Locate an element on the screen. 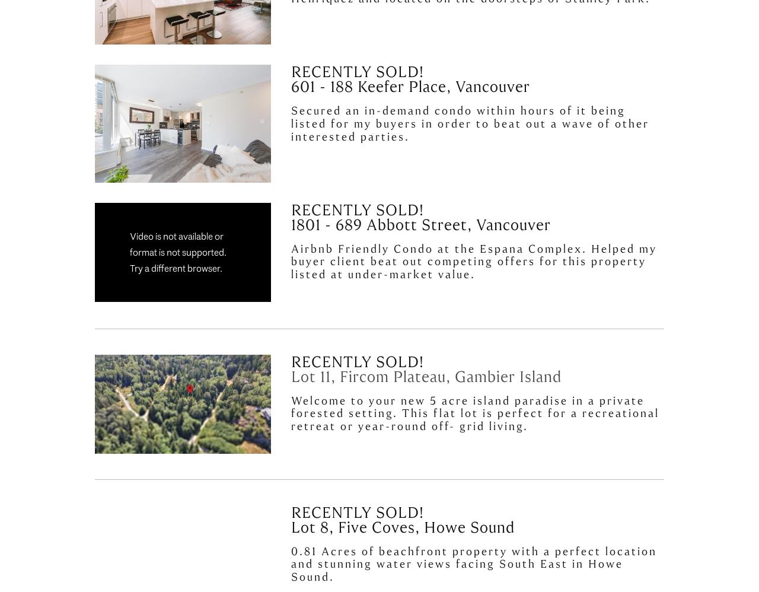 The height and width of the screenshot is (592, 759). 'Video is not available or format is not supported. Try a different browser.' is located at coordinates (130, 252).